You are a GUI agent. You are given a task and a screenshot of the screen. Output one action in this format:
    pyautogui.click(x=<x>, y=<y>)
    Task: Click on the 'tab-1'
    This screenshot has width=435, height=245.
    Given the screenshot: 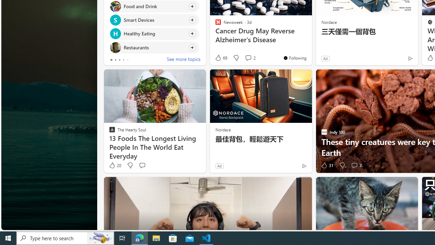 What is the action you would take?
    pyautogui.click(x=115, y=60)
    